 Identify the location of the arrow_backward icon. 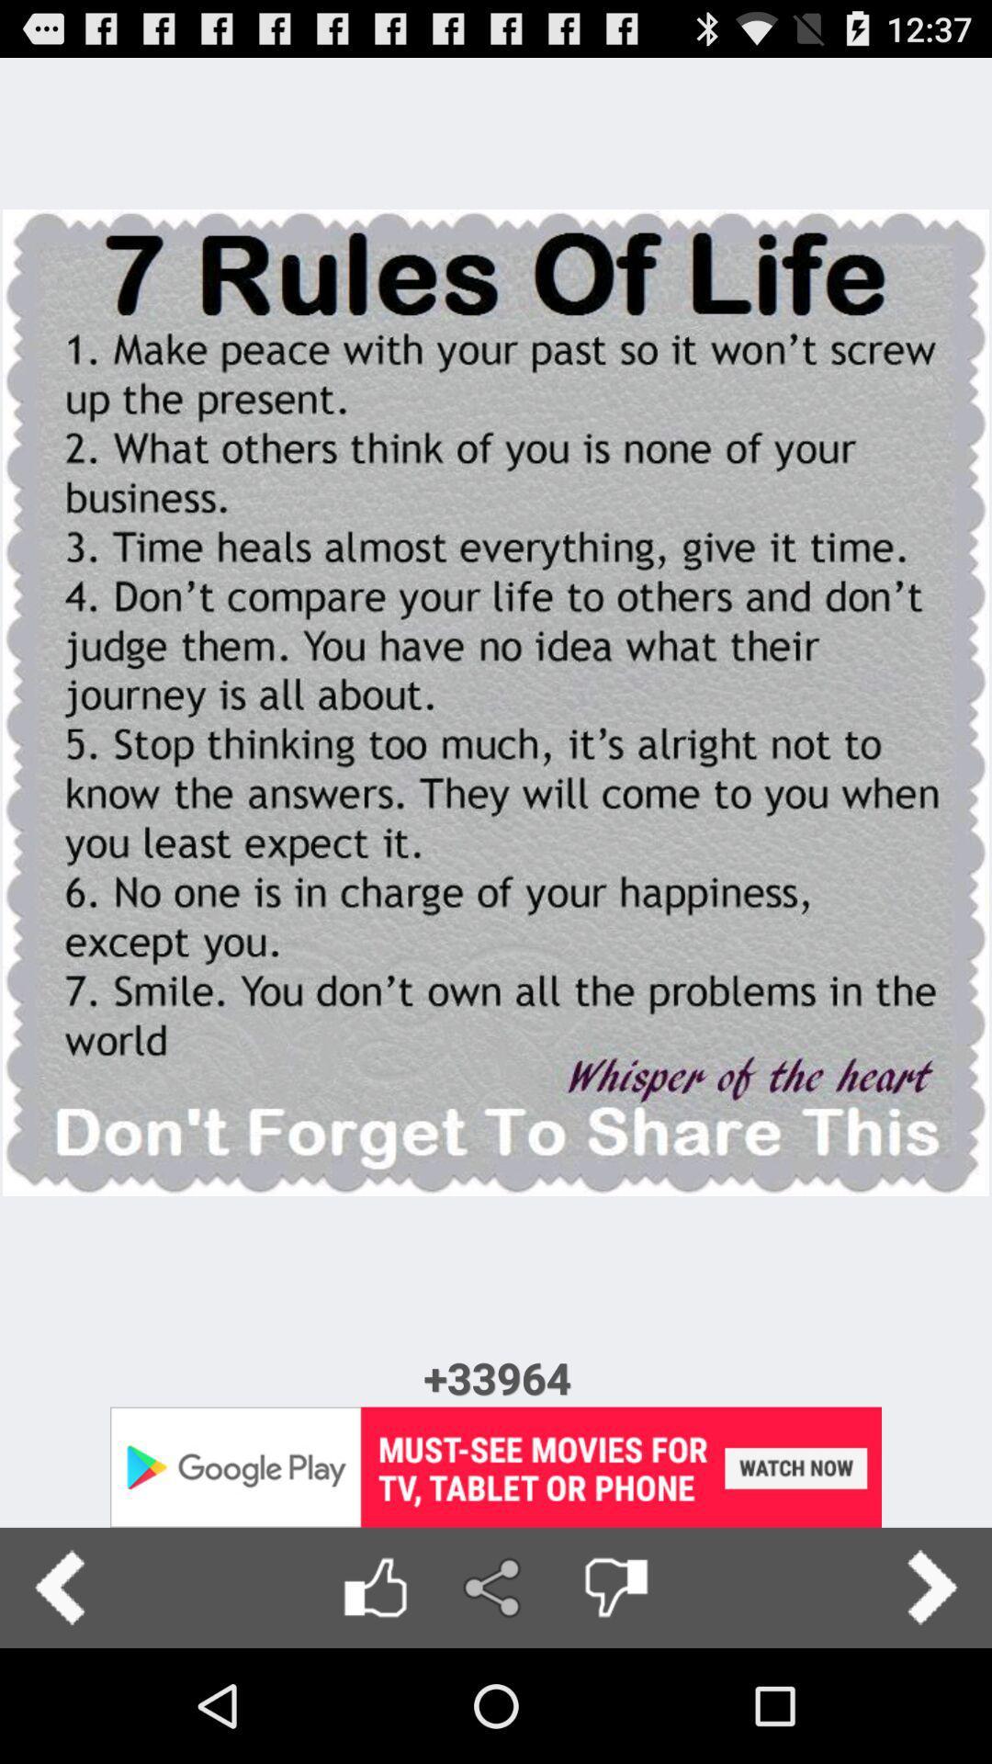
(59, 1698).